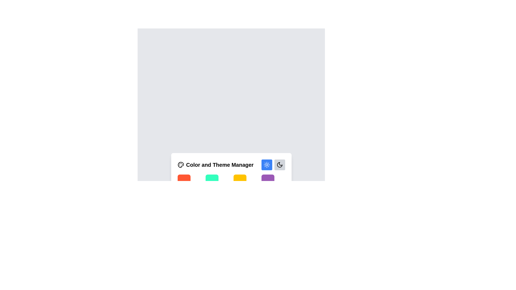  What do you see at coordinates (181, 164) in the screenshot?
I see `the compact icon resembling a painter's palette located on the leftmost side of the header bar labeled 'Color and Theme Manager'` at bounding box center [181, 164].